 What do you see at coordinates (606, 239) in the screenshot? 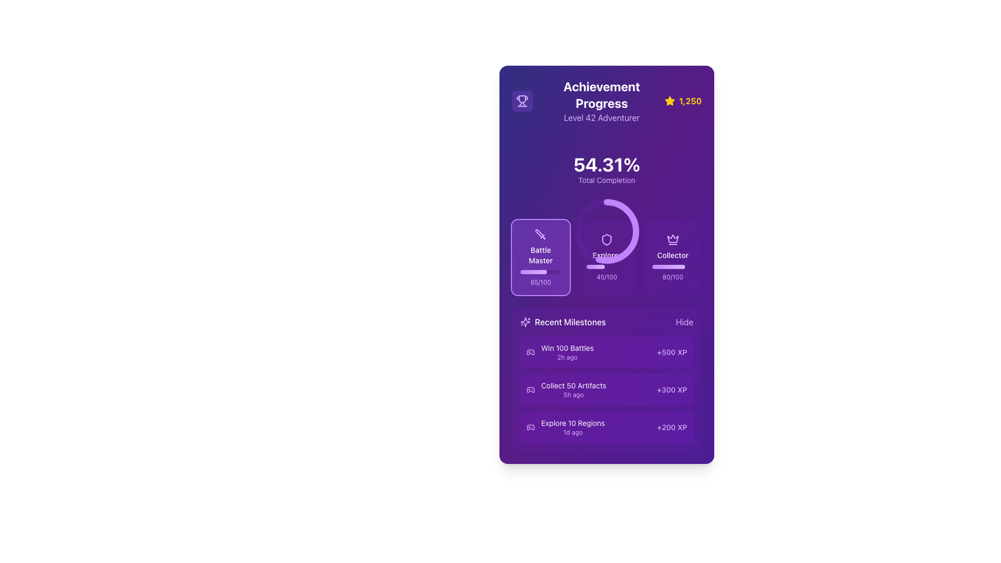
I see `the appearance of the Graphic Icon located in the 'Achievement Progress' section, which visually represents category or achievement types adjacent to textual descriptions` at bounding box center [606, 239].